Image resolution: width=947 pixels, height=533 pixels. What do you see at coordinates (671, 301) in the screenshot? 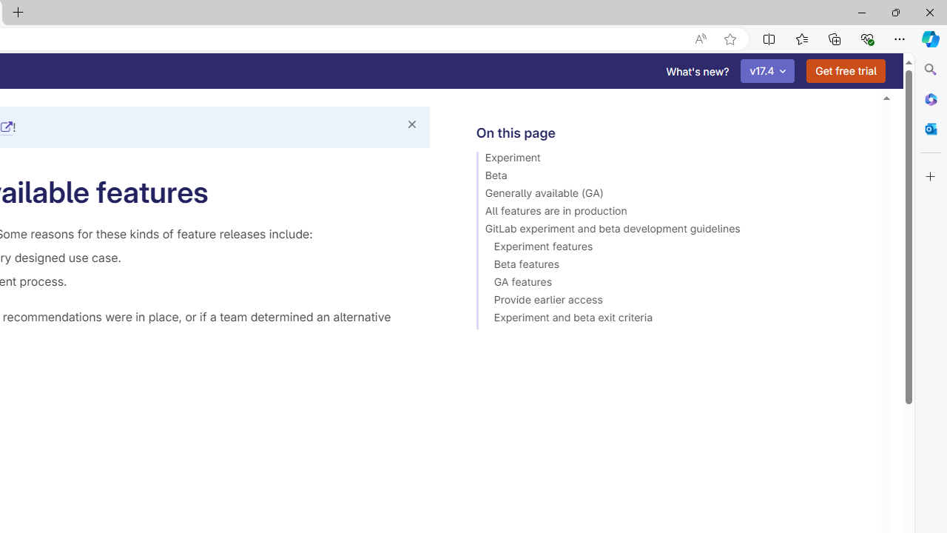
I see `'Provide earlier access'` at bounding box center [671, 301].